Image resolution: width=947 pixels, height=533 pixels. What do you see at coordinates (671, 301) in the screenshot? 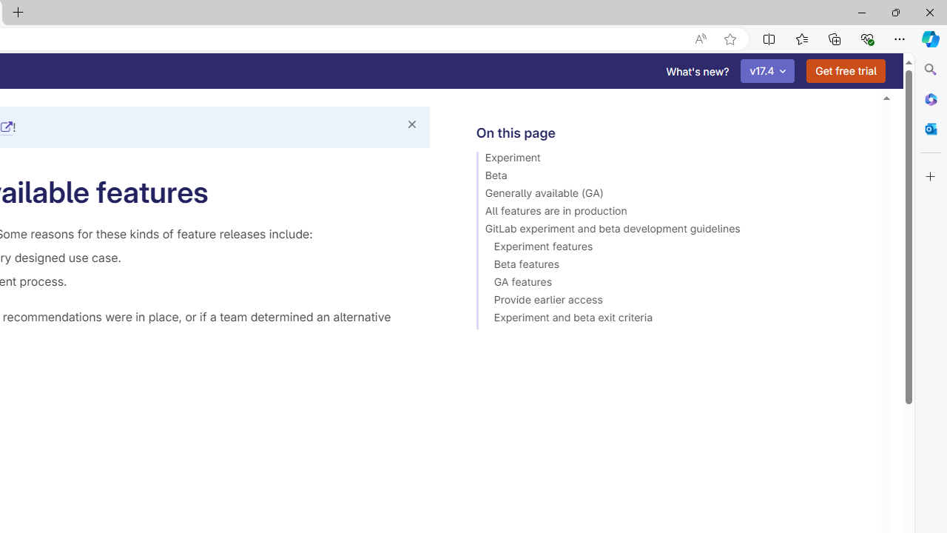
I see `'Provide earlier access'` at bounding box center [671, 301].